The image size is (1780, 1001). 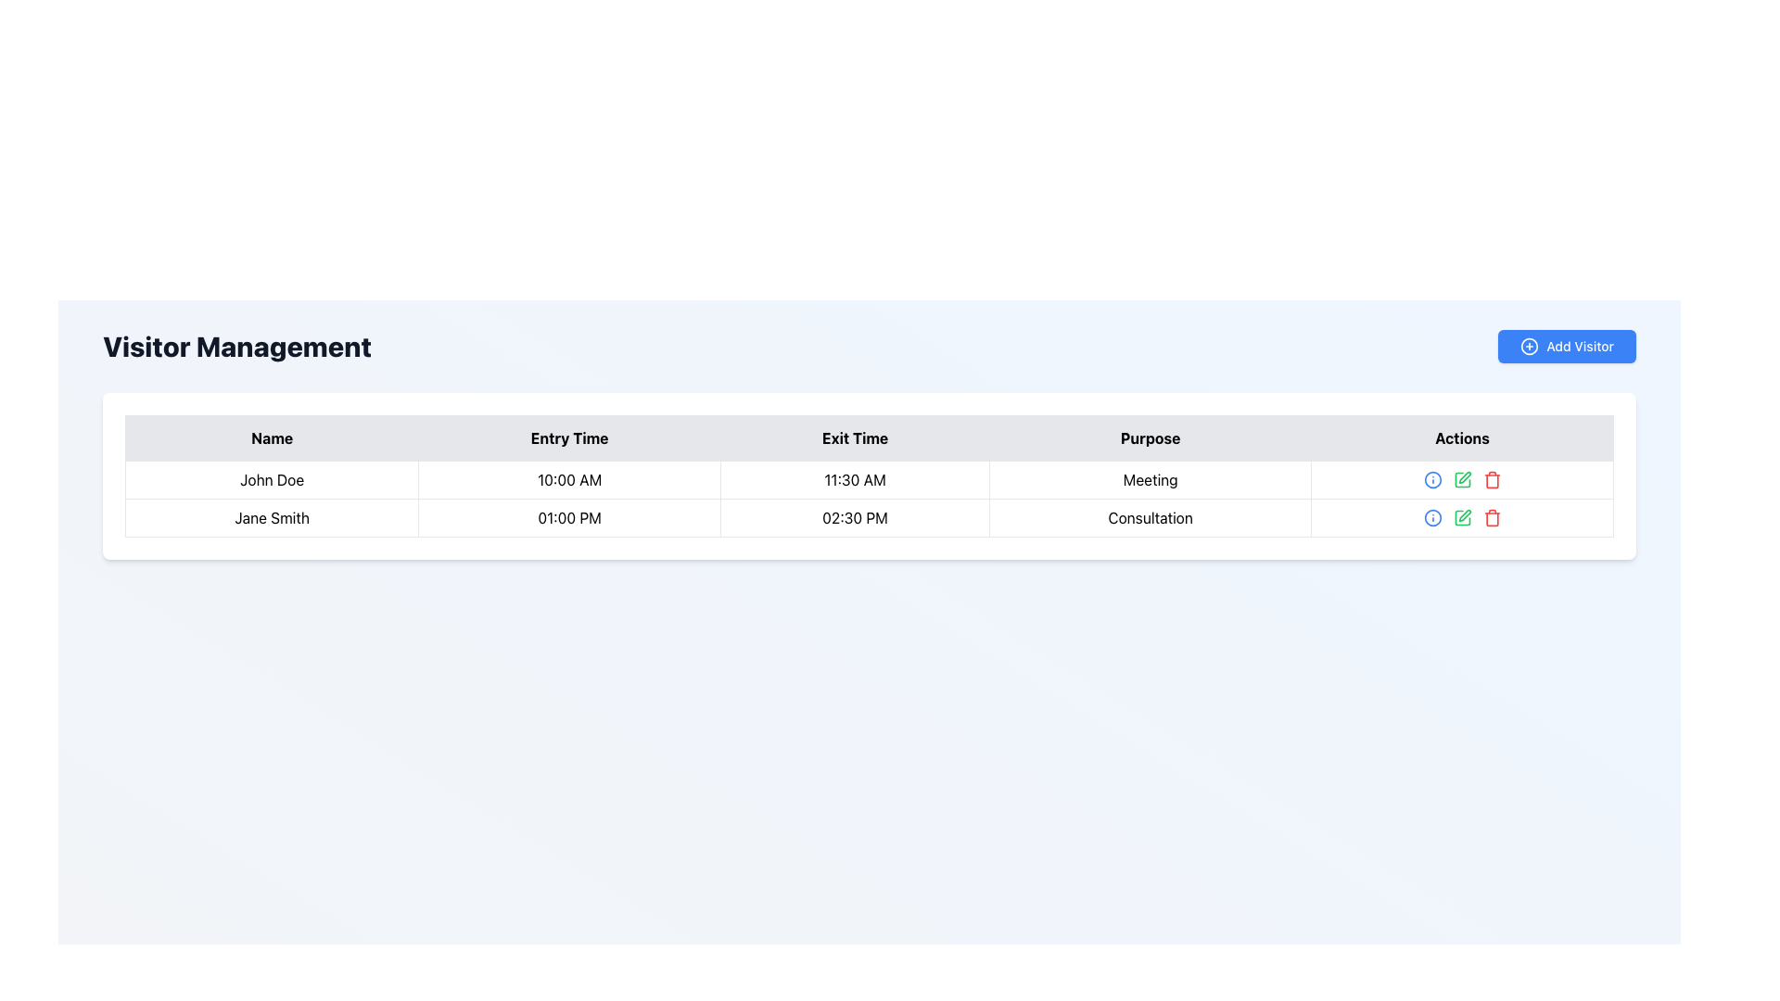 What do you see at coordinates (568, 518) in the screenshot?
I see `text content of the bold time representation '01:00 PM' located in the second cell of the 'Entry Time' column for 'Jane Smith' in the data table` at bounding box center [568, 518].